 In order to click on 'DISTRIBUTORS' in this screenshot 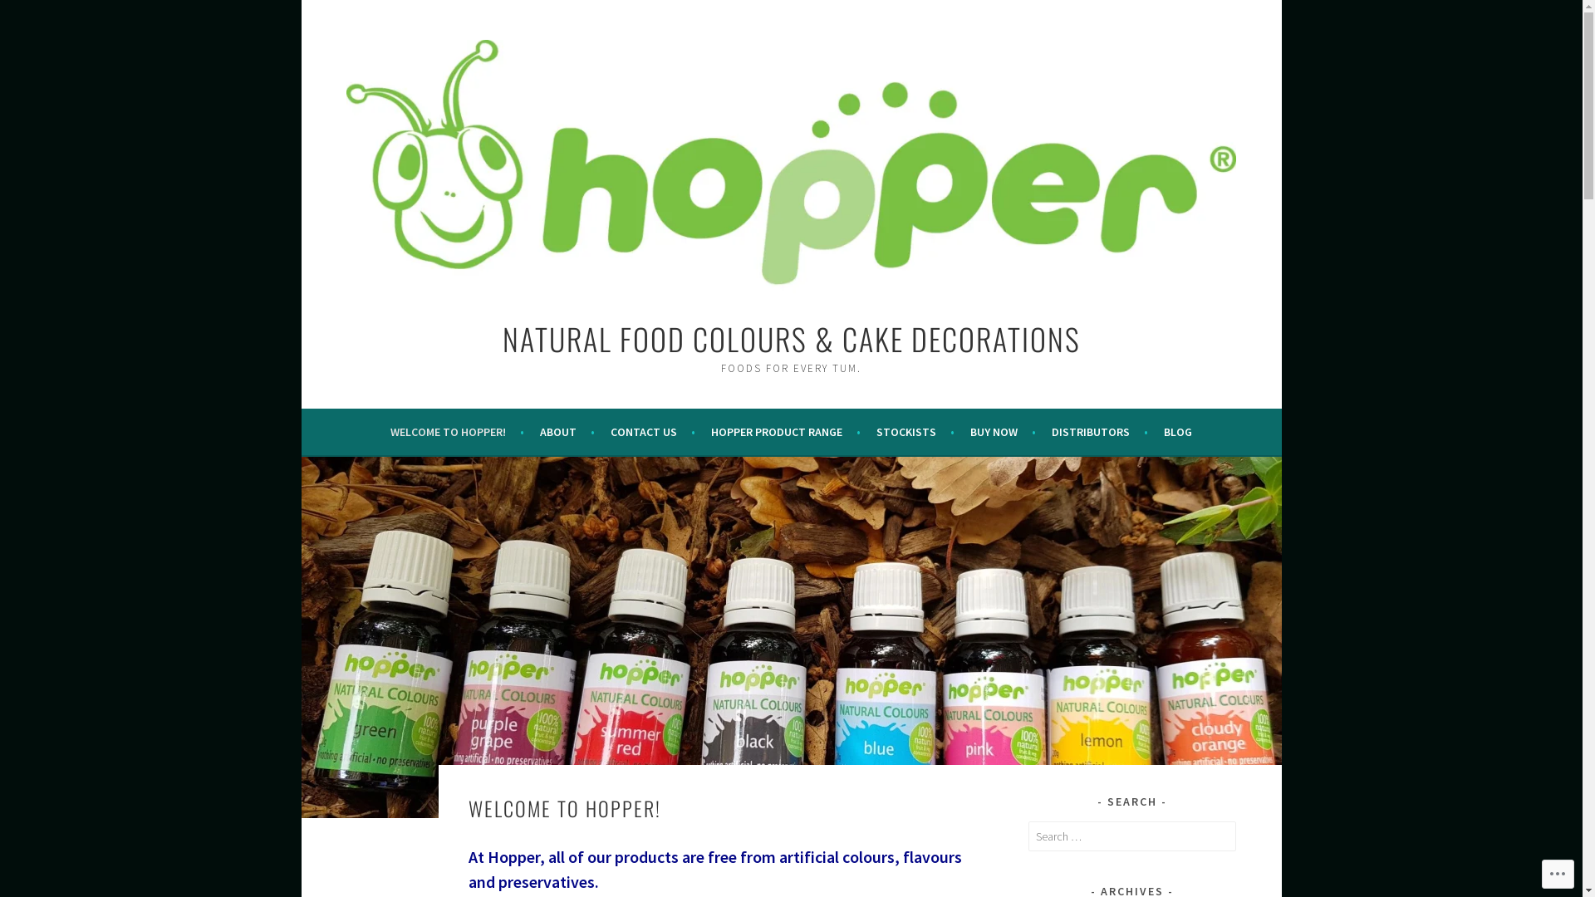, I will do `click(1051, 431)`.